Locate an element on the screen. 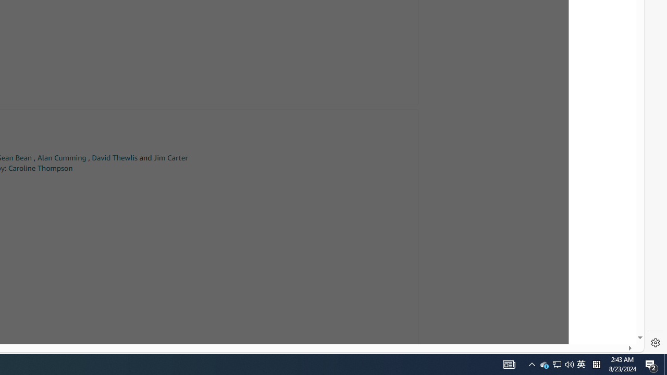 Image resolution: width=667 pixels, height=375 pixels. 'David Thewlis' is located at coordinates (115, 158).